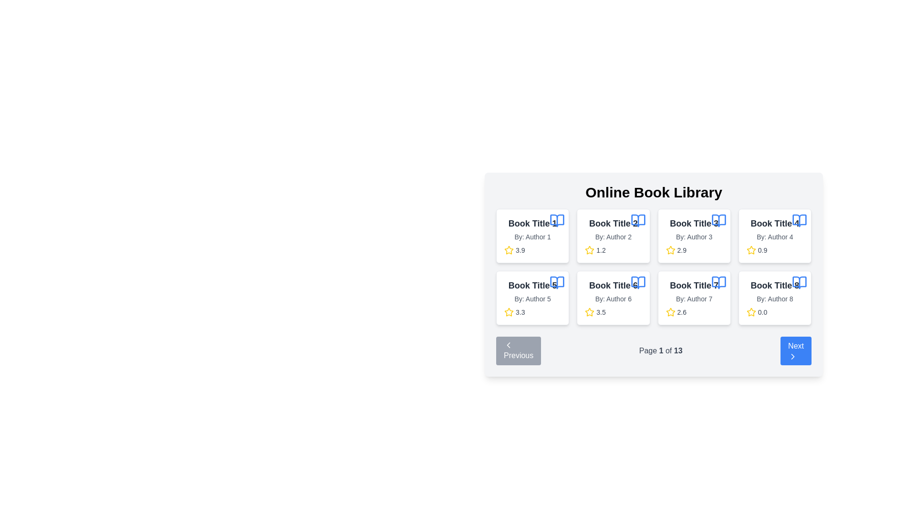  I want to click on the rating display for 'Book Title 1', which is located under 'By: Author 1' in its book card, so click(532, 249).